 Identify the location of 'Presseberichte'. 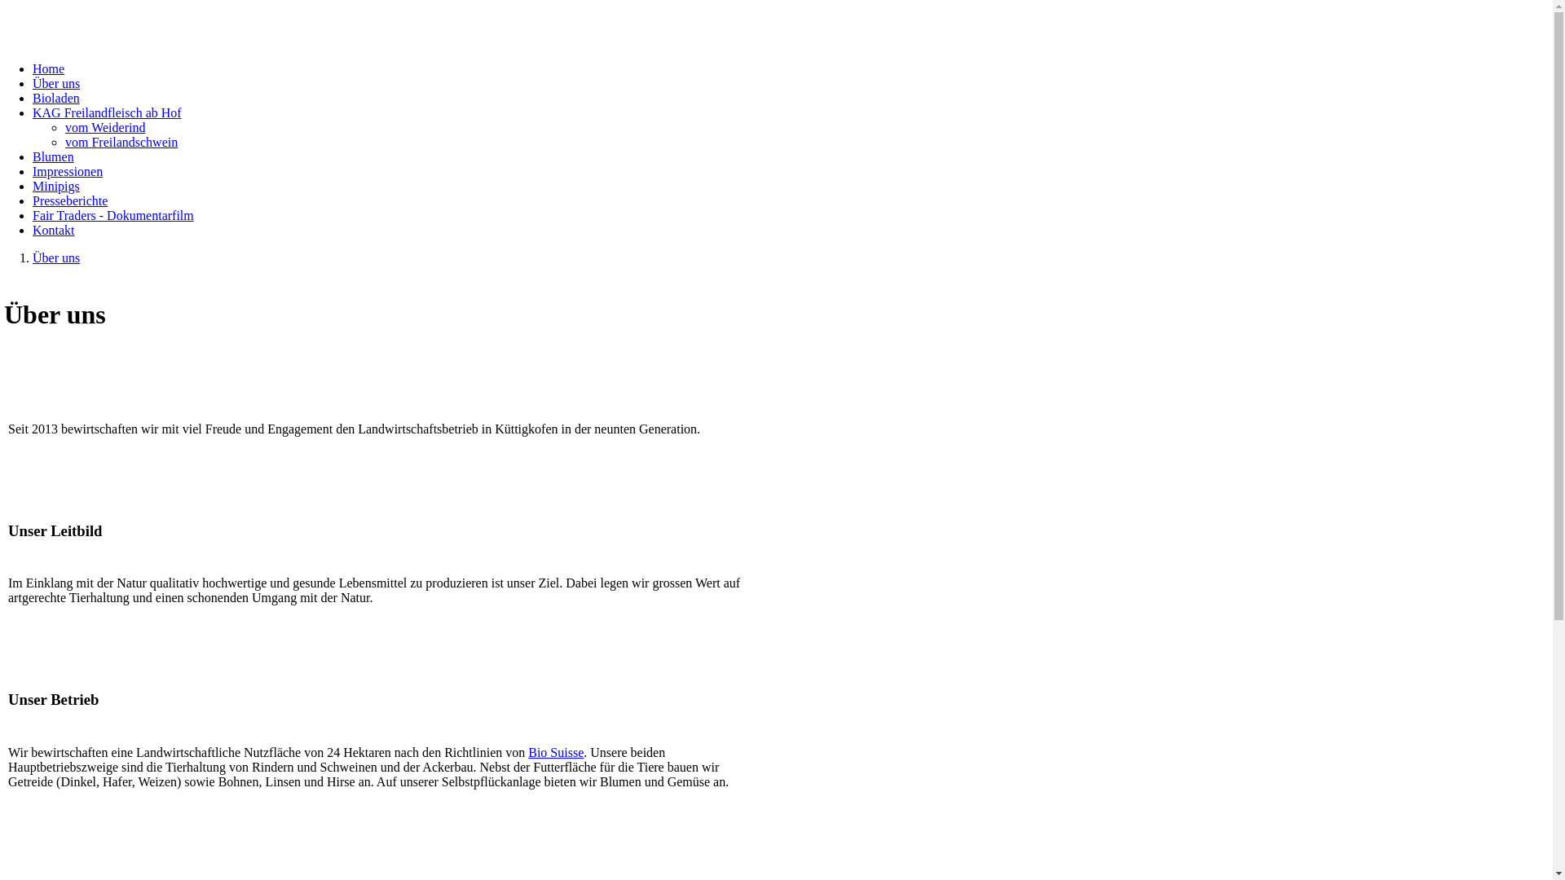
(69, 200).